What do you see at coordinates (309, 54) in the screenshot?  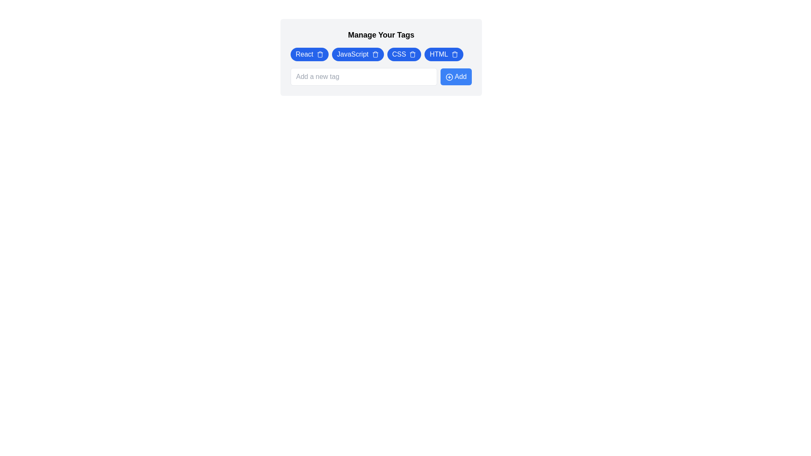 I see `the delete icon on the 'React' tag` at bounding box center [309, 54].